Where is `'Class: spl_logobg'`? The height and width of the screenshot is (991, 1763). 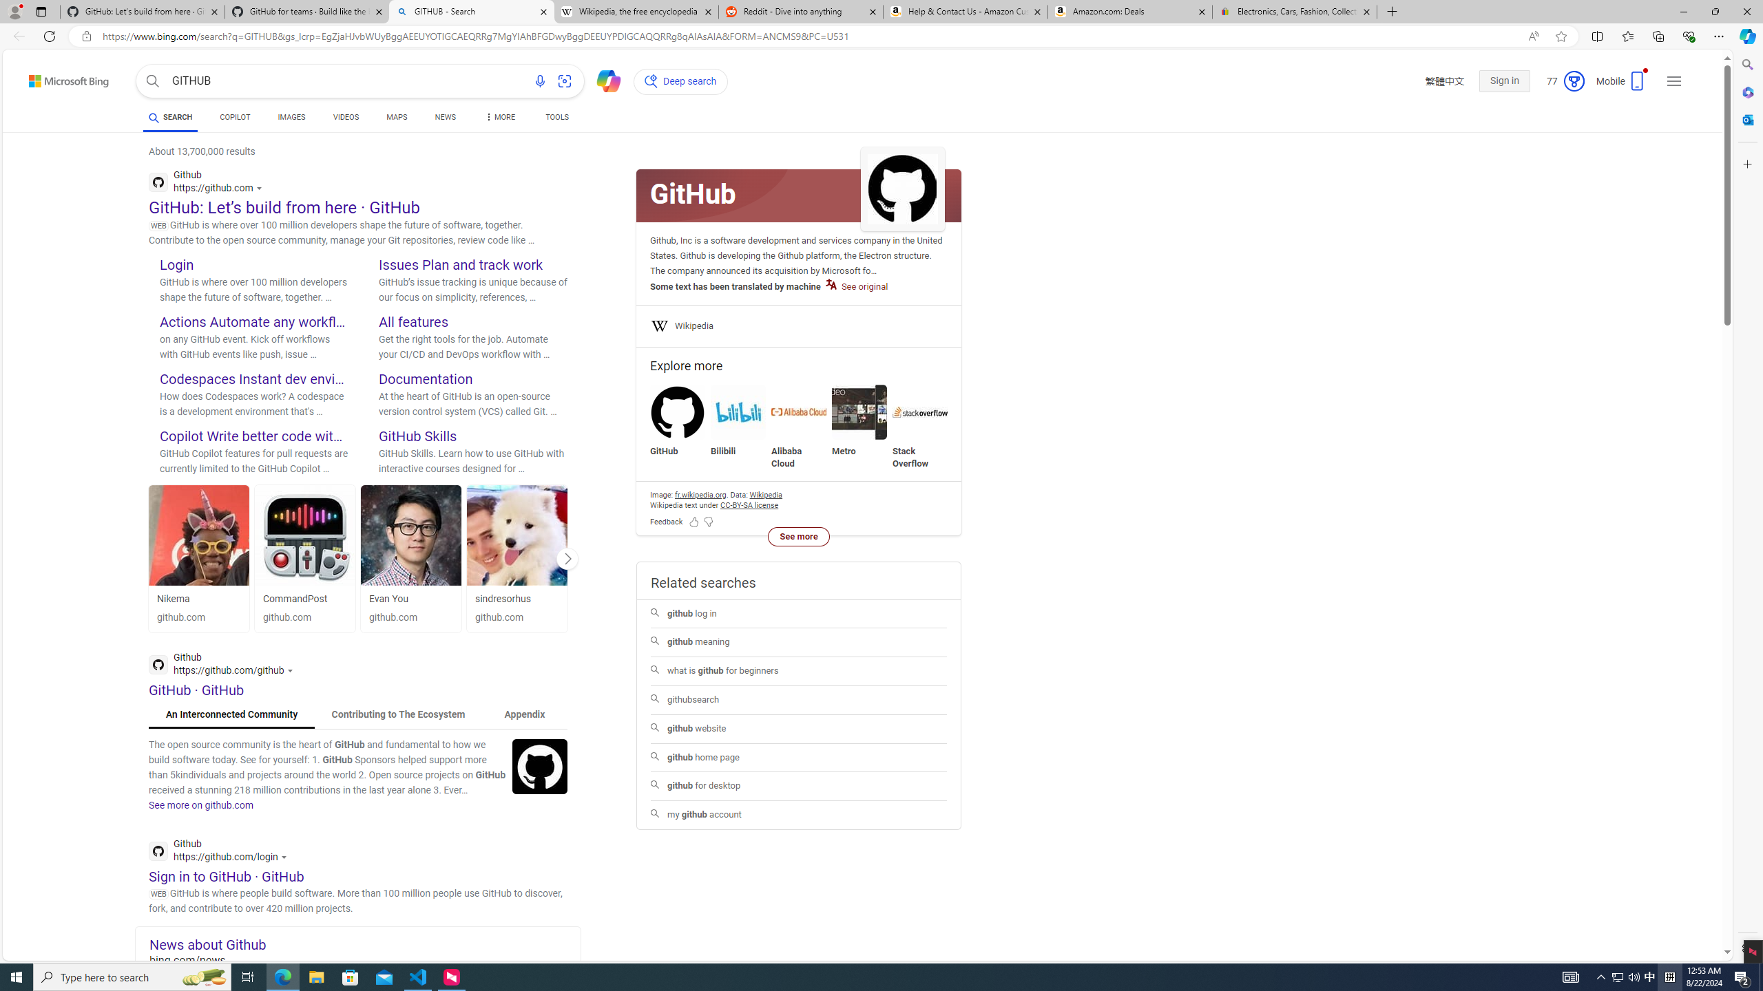 'Class: spl_logobg' is located at coordinates (797, 195).